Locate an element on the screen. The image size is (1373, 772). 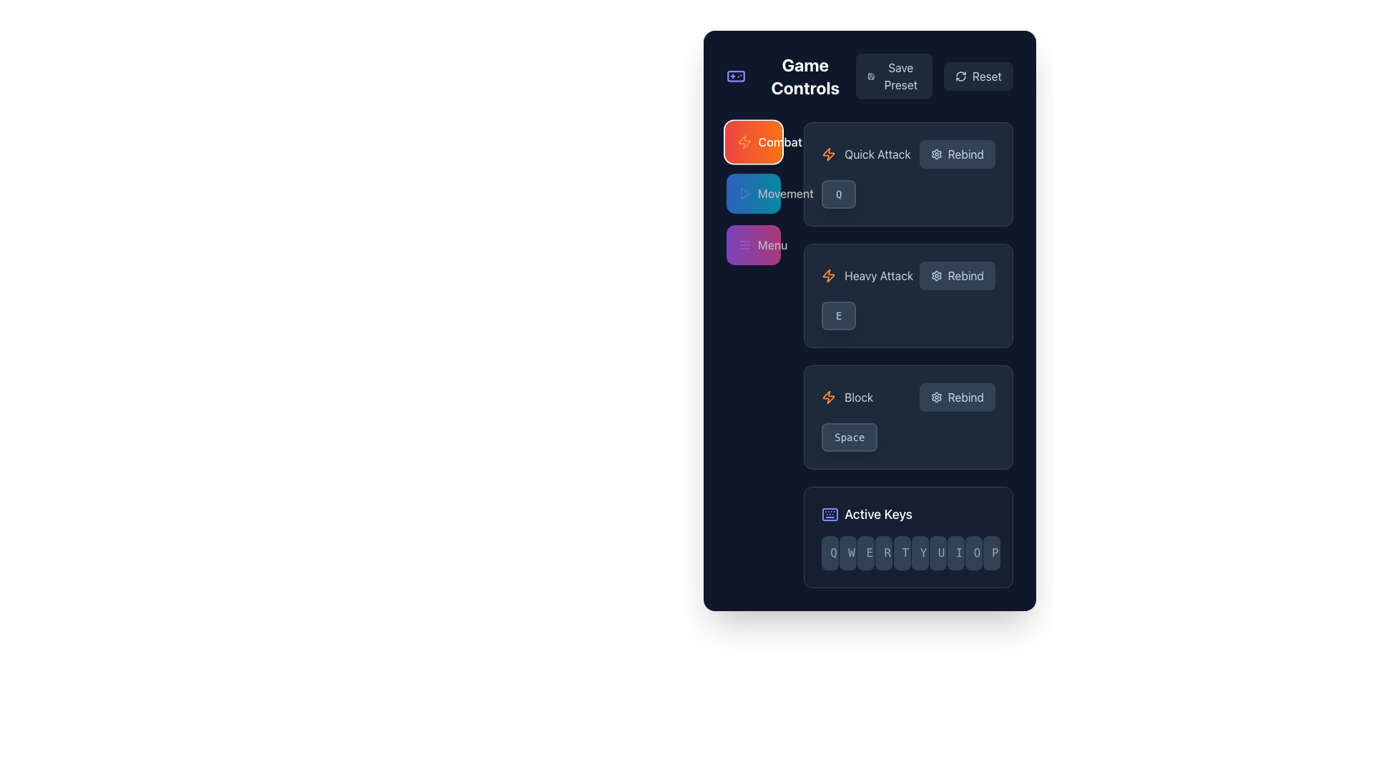
the lightning bolt icon is located at coordinates (829, 275).